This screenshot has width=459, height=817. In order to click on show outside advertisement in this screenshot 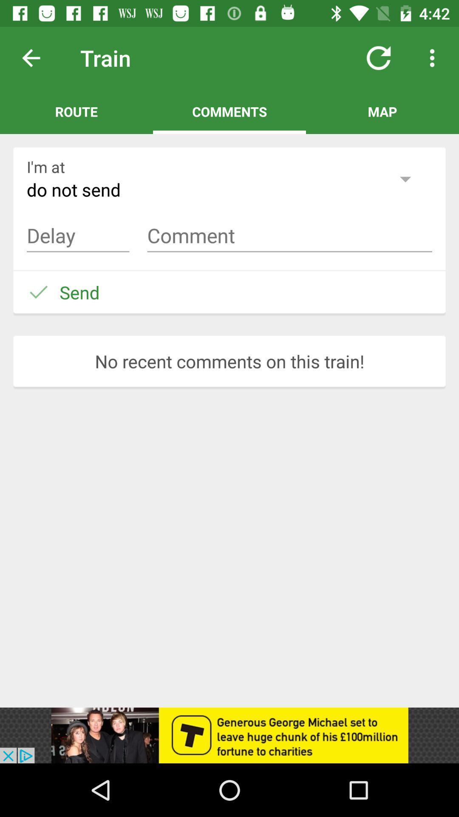, I will do `click(229, 735)`.